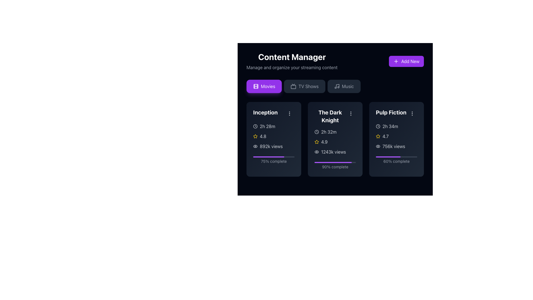  What do you see at coordinates (255, 146) in the screenshot?
I see `the eye icon representing views located at the bottom-center of the 'Inception' card` at bounding box center [255, 146].